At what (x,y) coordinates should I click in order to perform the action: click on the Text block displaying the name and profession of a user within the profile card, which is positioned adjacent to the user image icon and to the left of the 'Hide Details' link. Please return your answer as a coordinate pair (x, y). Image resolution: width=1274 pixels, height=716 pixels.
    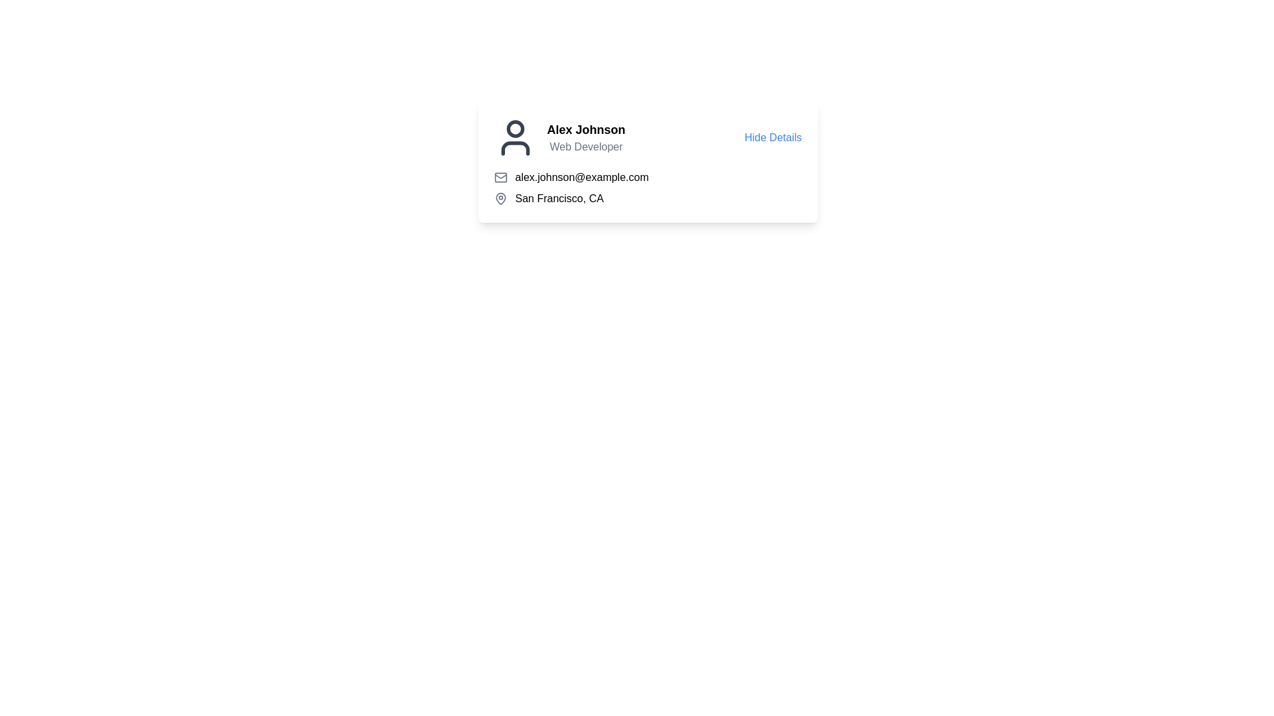
    Looking at the image, I should click on (585, 138).